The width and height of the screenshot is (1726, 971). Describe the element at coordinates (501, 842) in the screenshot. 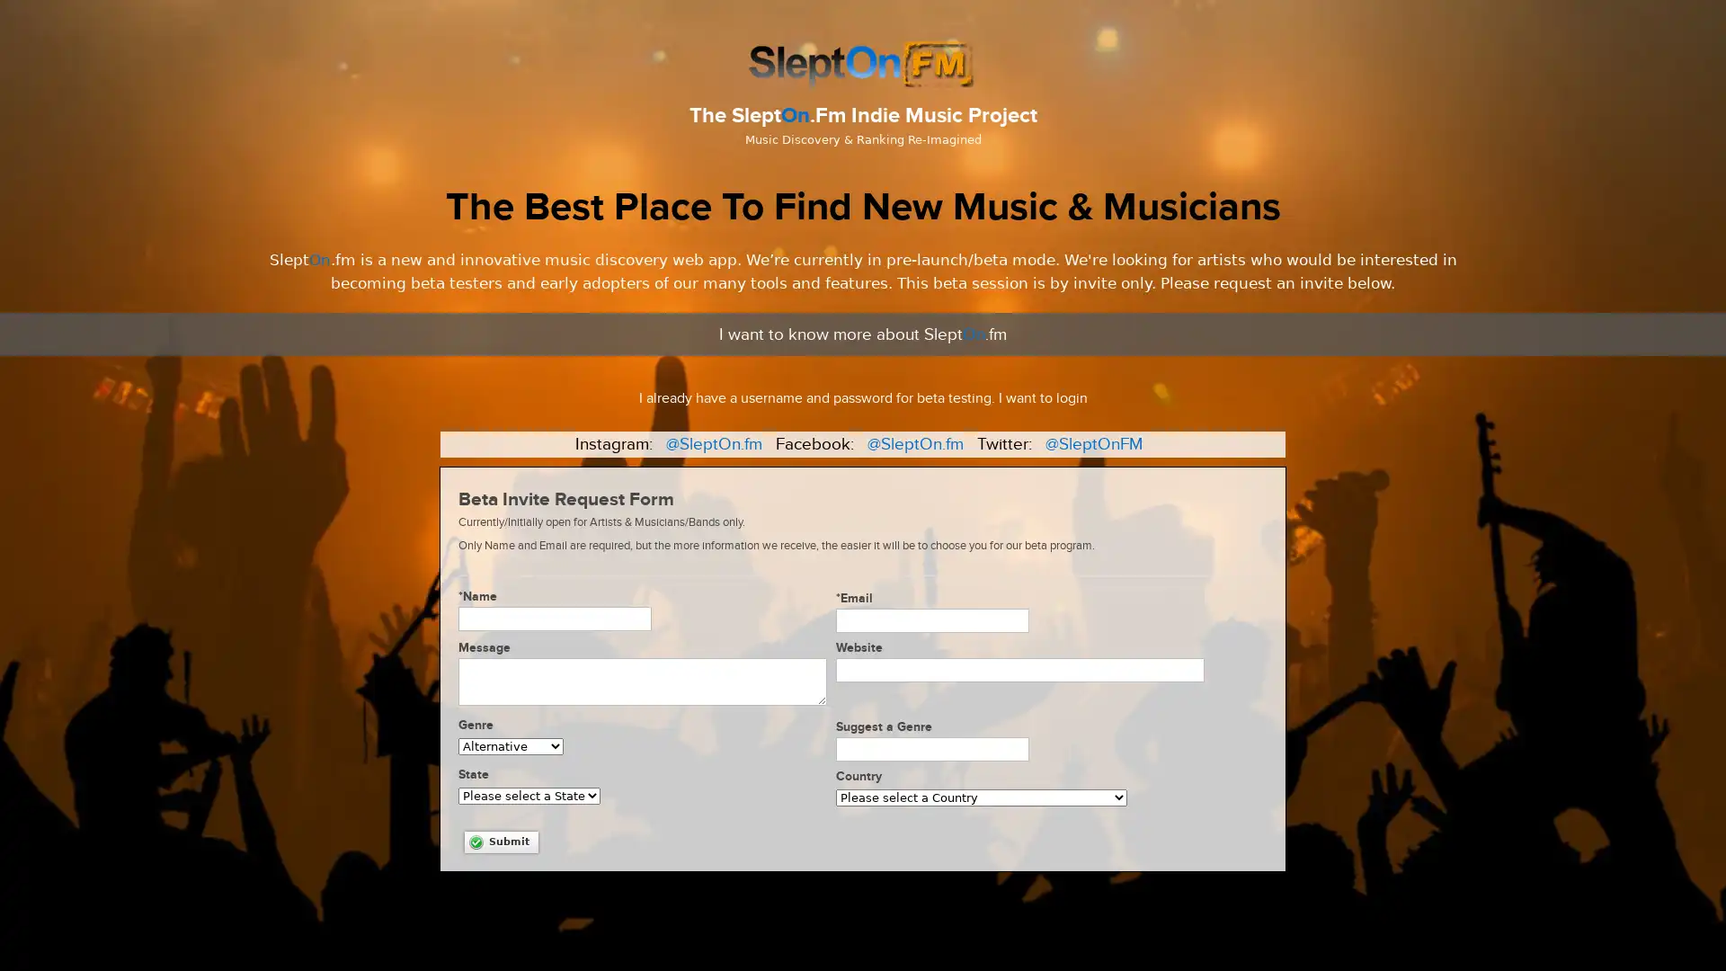

I see `Submit` at that location.